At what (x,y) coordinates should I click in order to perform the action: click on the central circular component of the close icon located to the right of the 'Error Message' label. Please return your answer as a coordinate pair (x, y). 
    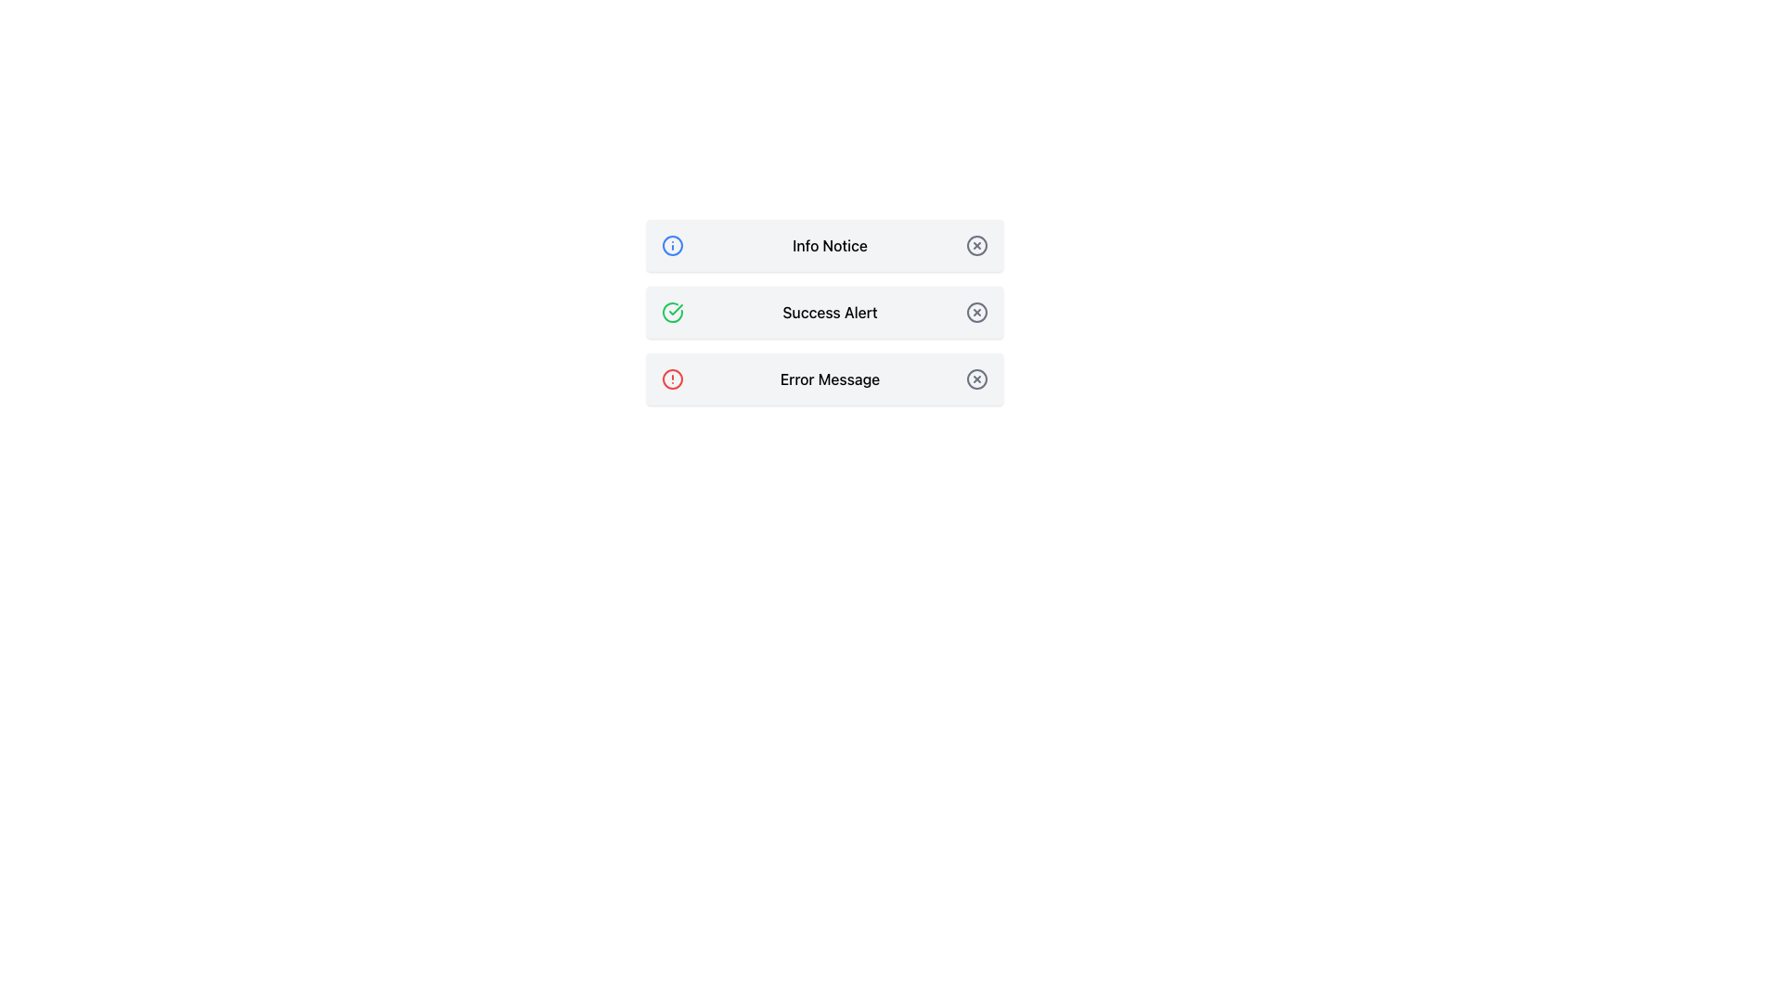
    Looking at the image, I should click on (975, 378).